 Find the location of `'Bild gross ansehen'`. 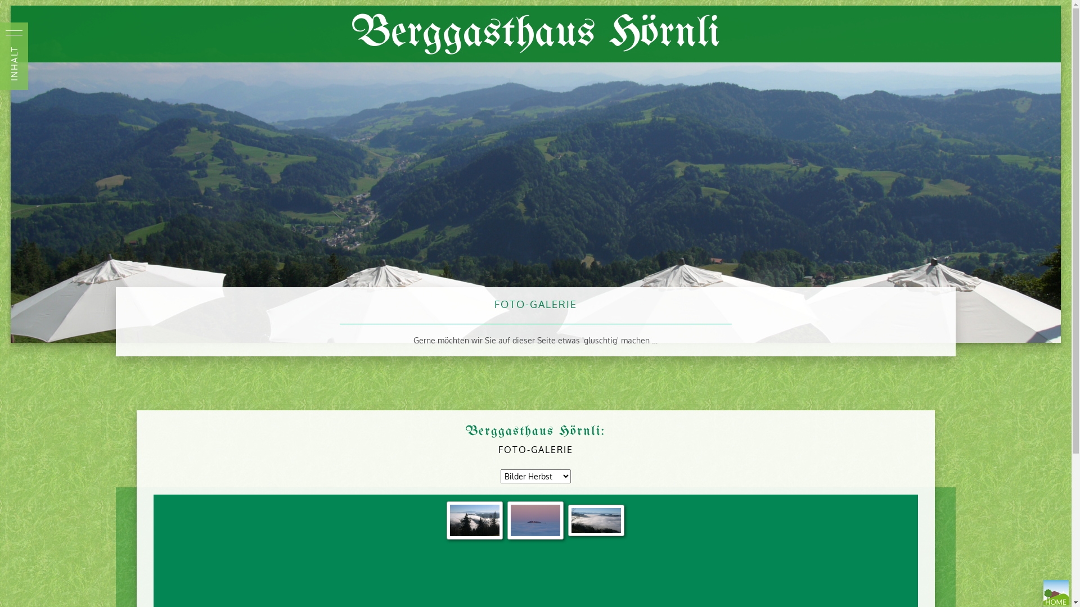

'Bild gross ansehen' is located at coordinates (475, 520).